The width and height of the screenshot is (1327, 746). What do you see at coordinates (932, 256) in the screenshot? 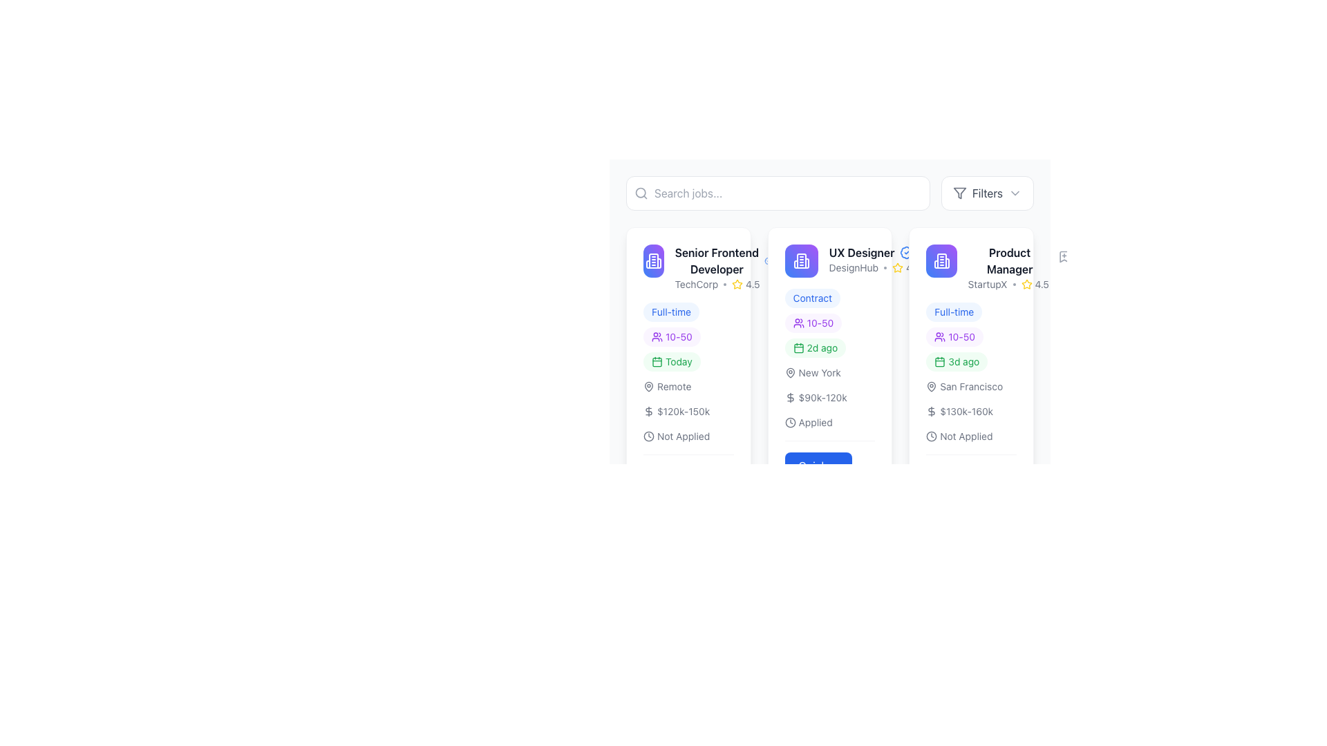
I see `the icon button located in the top-right corner of the job card to bookmark this job` at bounding box center [932, 256].